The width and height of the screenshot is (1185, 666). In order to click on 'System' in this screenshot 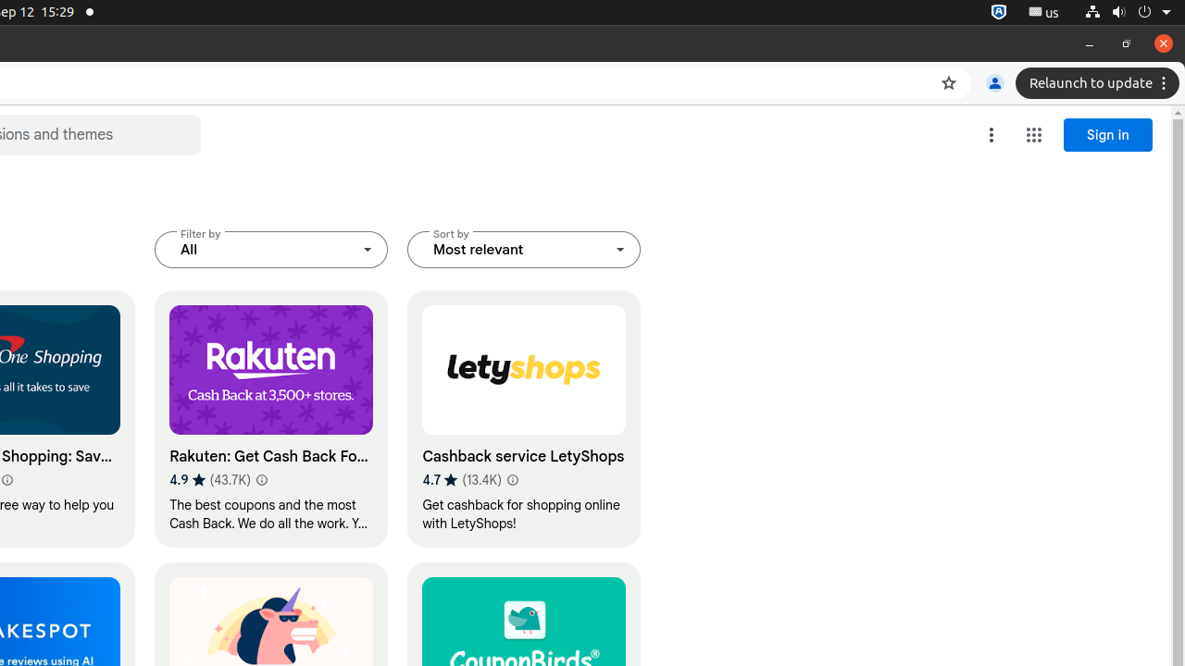, I will do `click(1127, 12)`.